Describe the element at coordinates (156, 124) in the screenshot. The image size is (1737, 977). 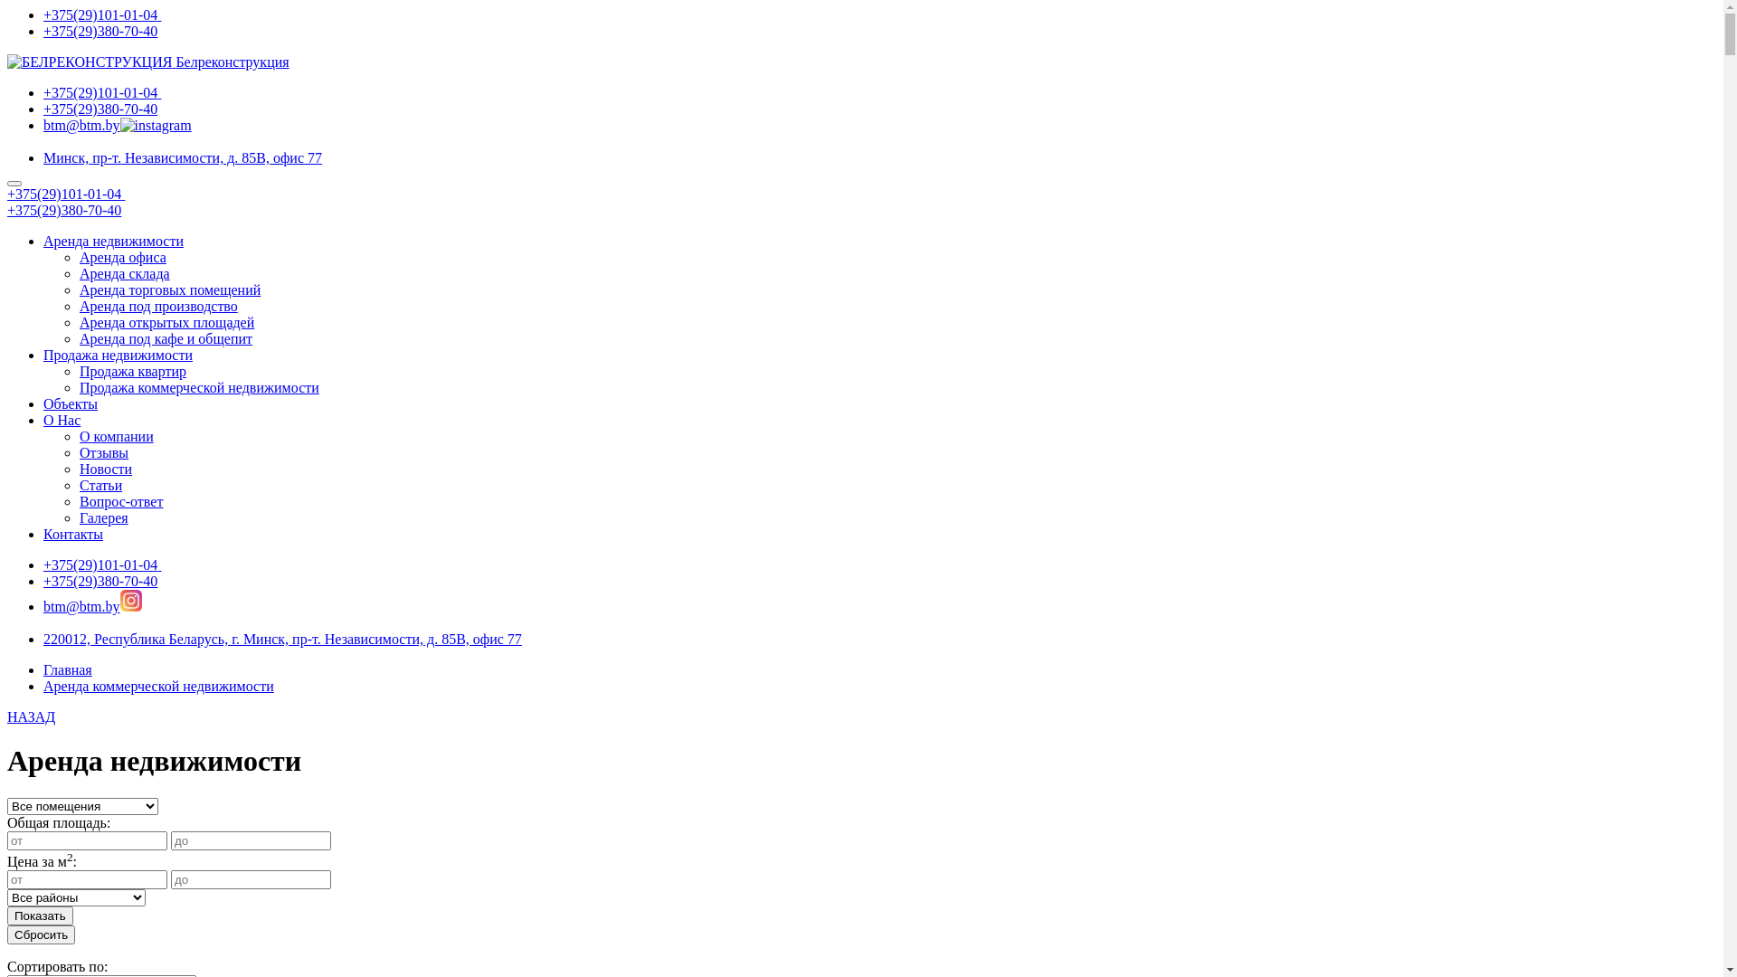
I see `'instagram'` at that location.